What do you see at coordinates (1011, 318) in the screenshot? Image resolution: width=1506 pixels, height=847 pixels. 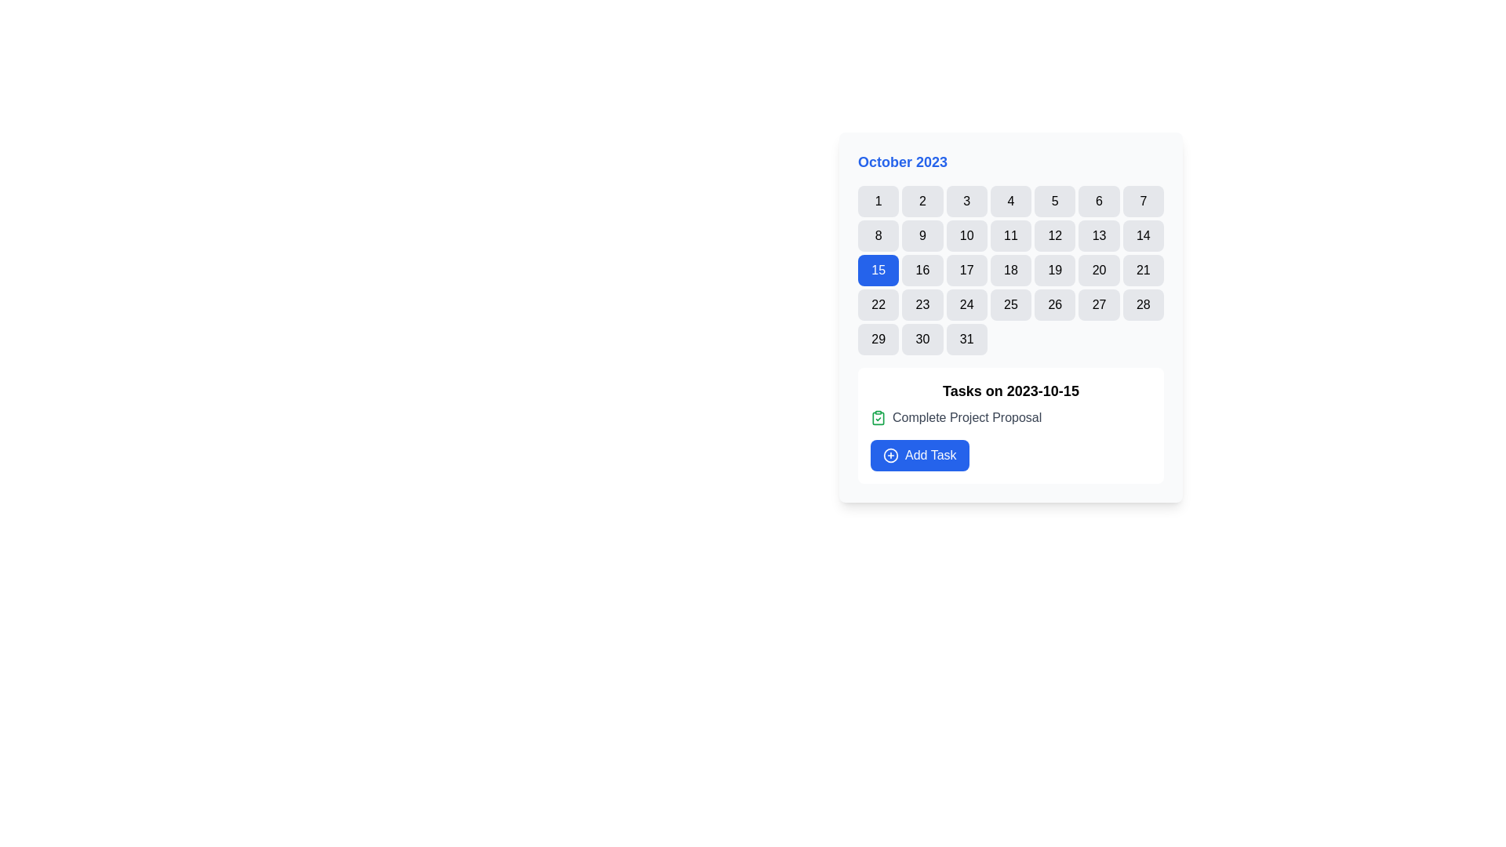 I see `a date on the calendar component to view corresponding tasks` at bounding box center [1011, 318].